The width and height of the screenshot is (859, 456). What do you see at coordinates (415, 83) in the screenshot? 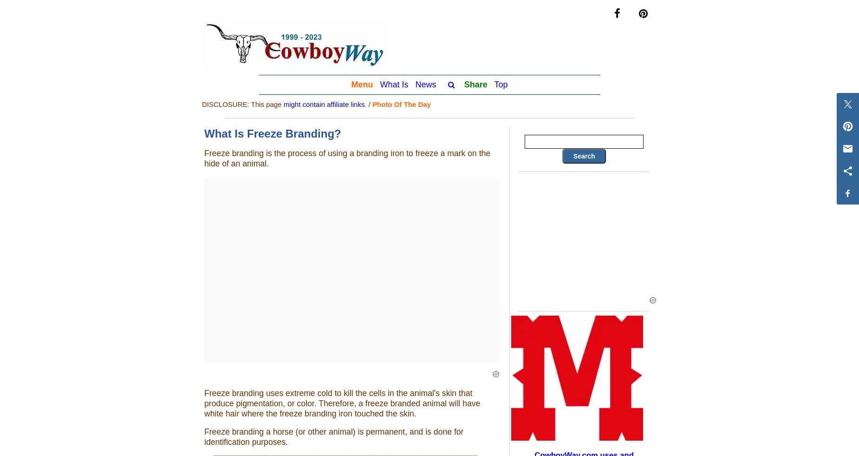
I see `'News'` at bounding box center [415, 83].